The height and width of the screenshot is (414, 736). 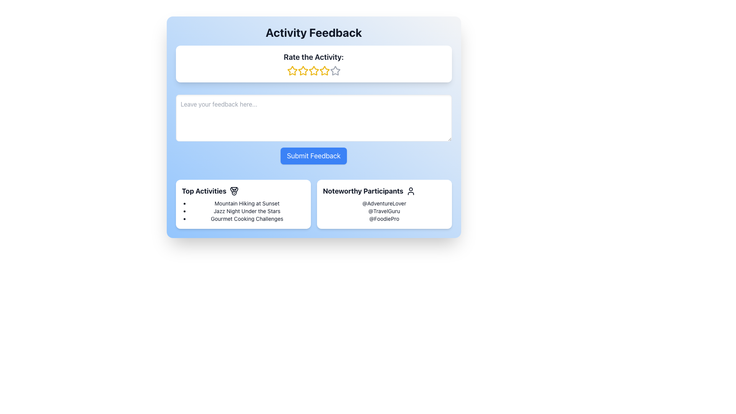 What do you see at coordinates (247, 203) in the screenshot?
I see `the text component containing the phrase 'Mountain Hiking at Sunset,' which is the first item in the bulleted list under the heading 'Top Activities.'` at bounding box center [247, 203].